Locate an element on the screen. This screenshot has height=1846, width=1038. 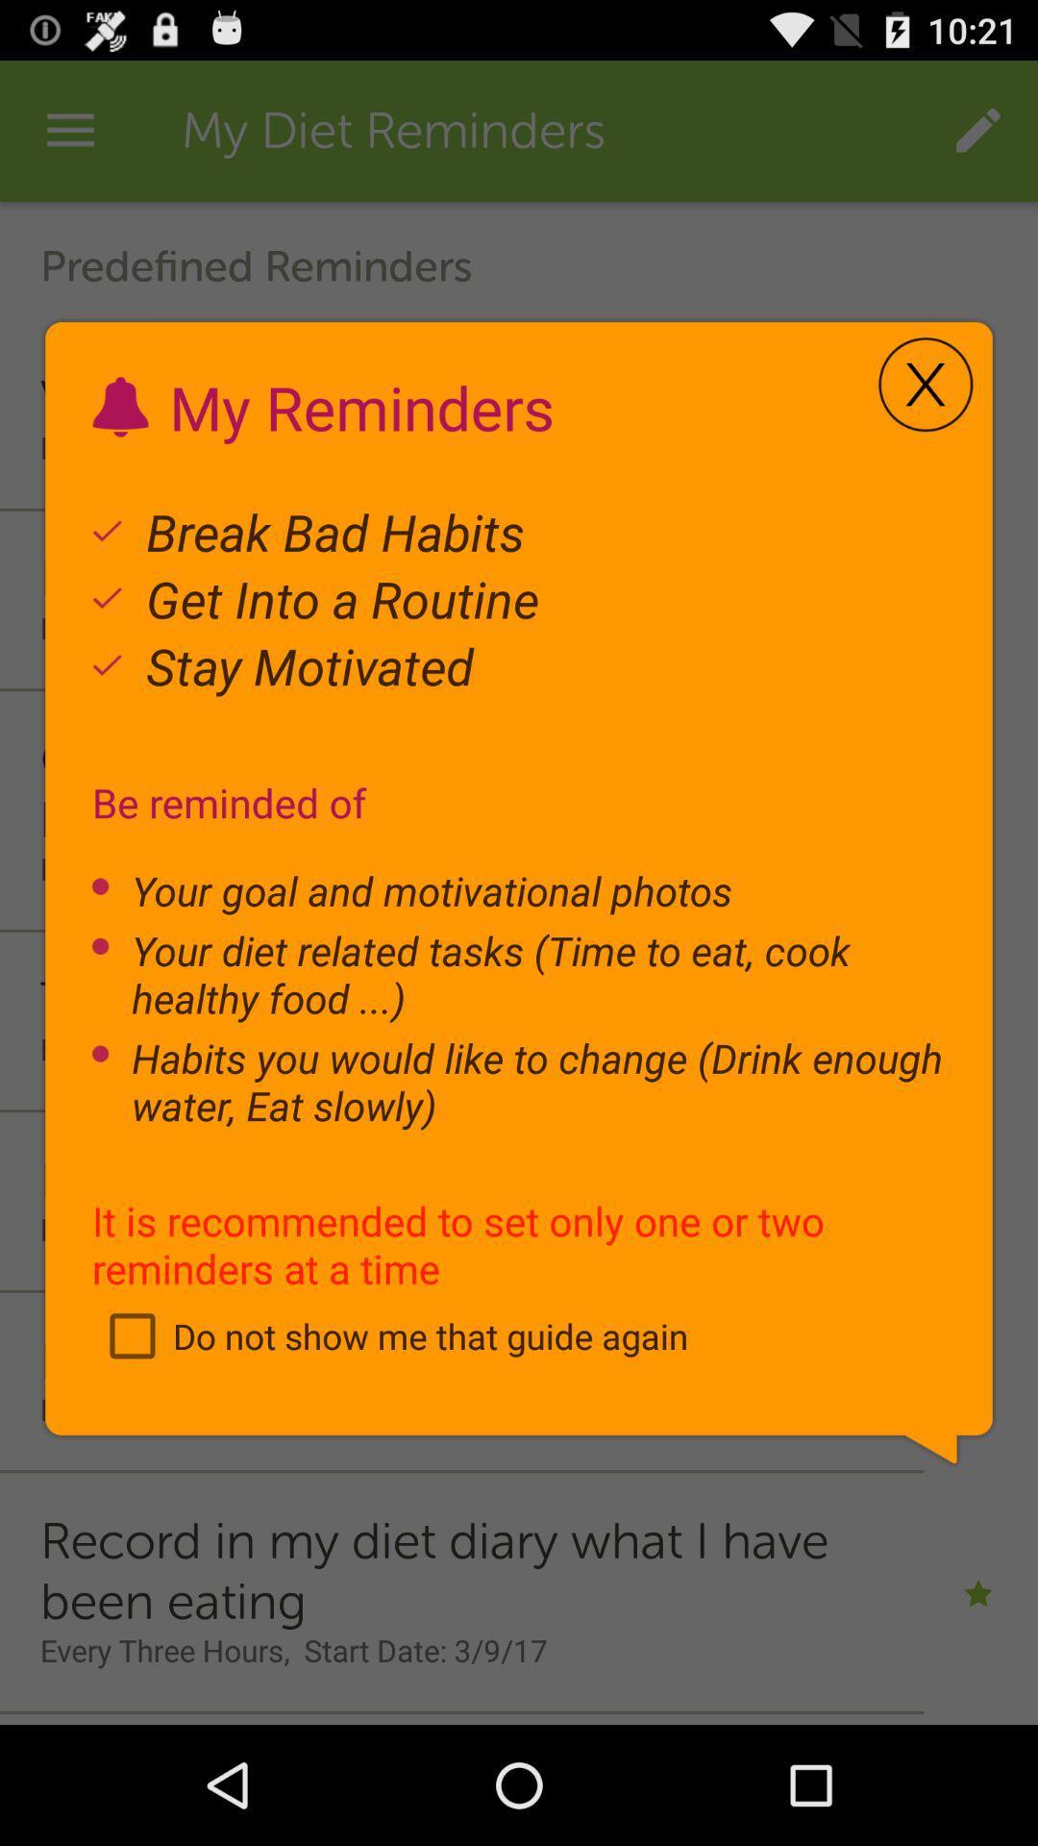
item at the top right corner is located at coordinates (925, 385).